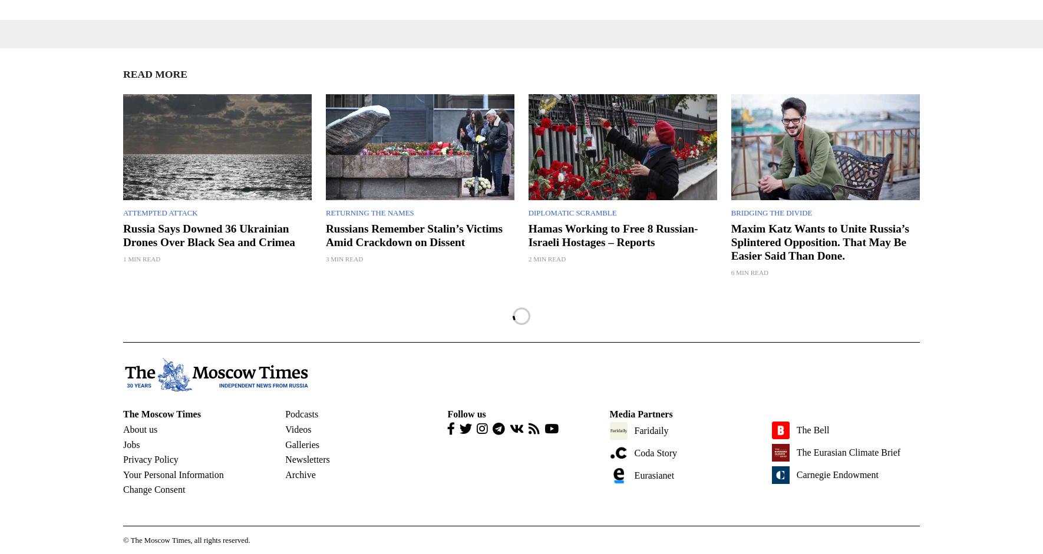 The height and width of the screenshot is (554, 1043). Describe the element at coordinates (161, 414) in the screenshot. I see `'The Moscow Times'` at that location.